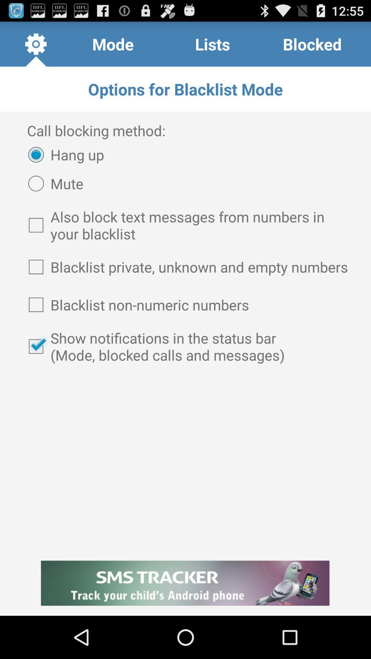 This screenshot has width=371, height=659. I want to click on the item at the bottom, so click(185, 583).